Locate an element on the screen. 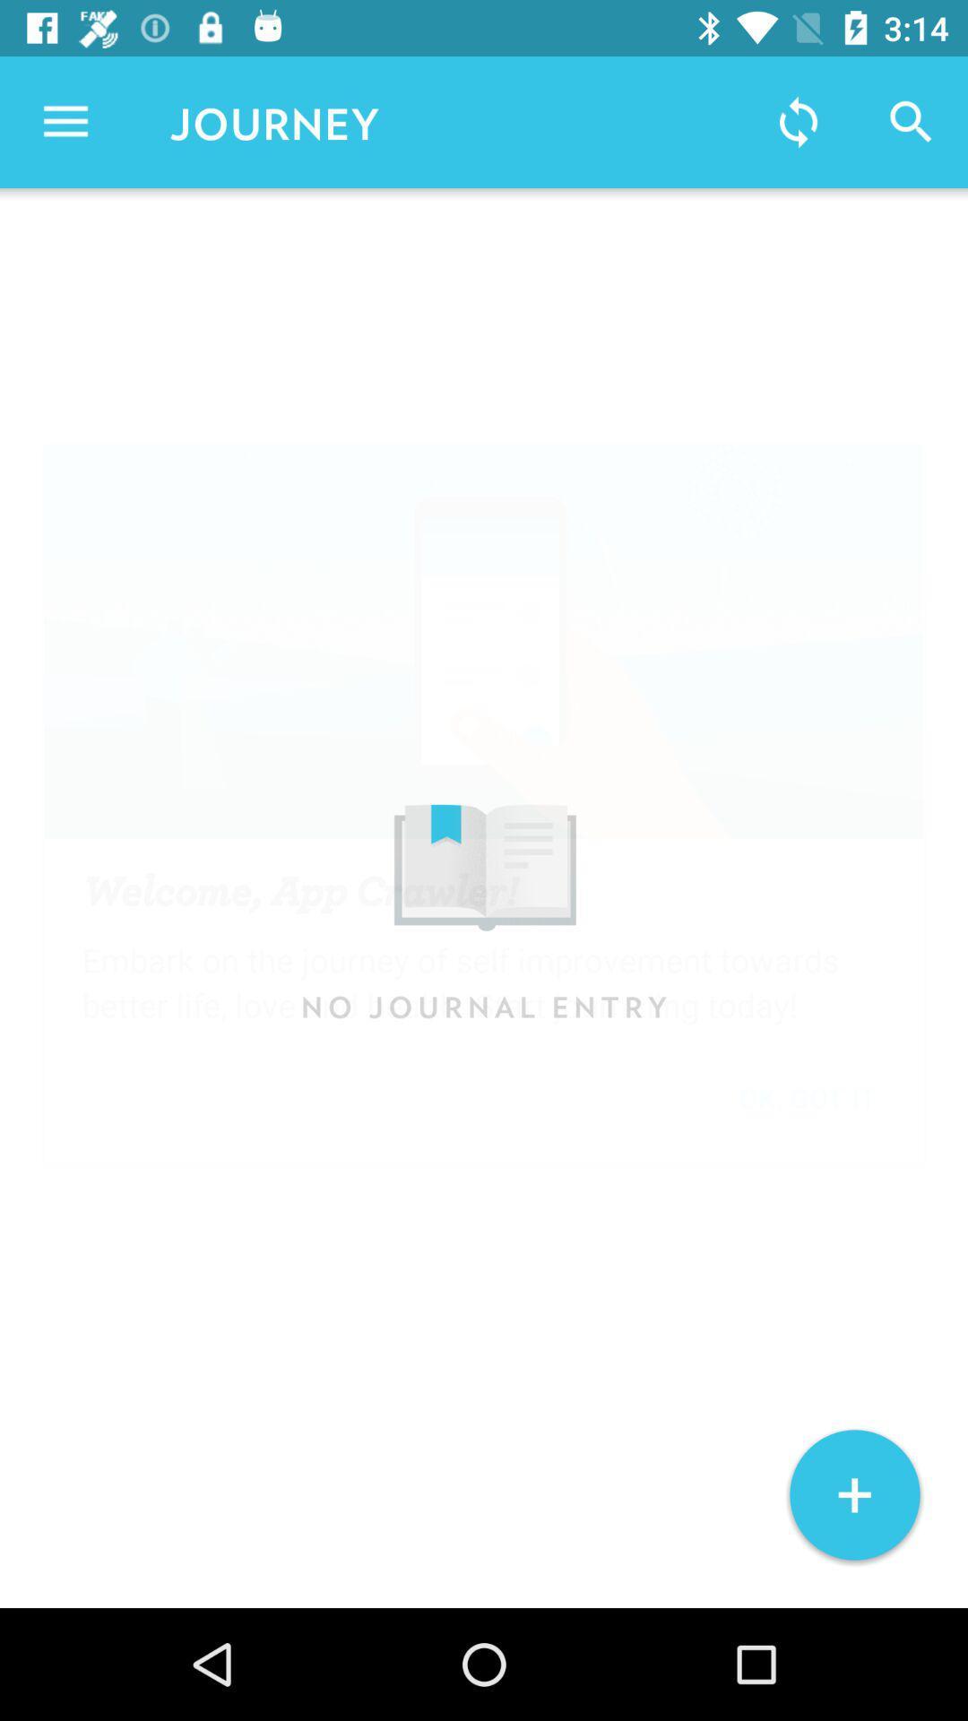 Image resolution: width=968 pixels, height=1721 pixels. + item is located at coordinates (853, 1495).